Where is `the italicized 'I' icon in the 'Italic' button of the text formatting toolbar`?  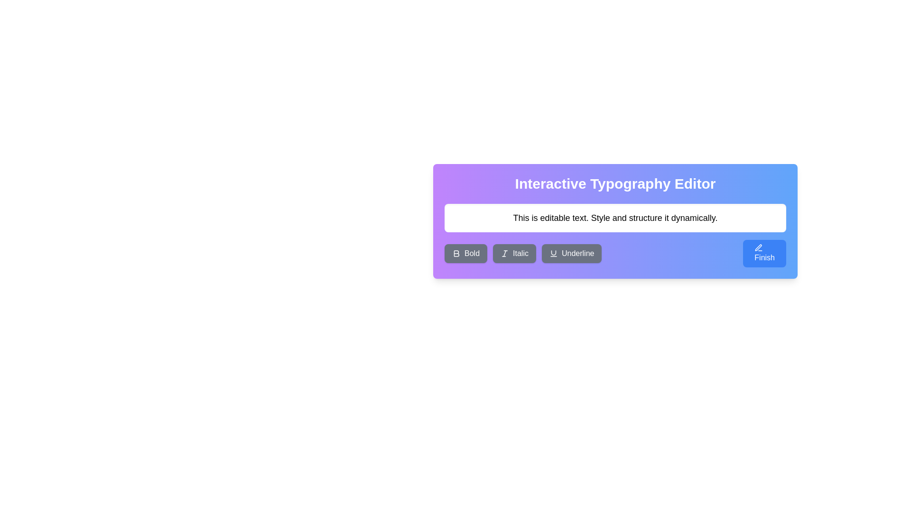
the italicized 'I' icon in the 'Italic' button of the text formatting toolbar is located at coordinates (504, 253).